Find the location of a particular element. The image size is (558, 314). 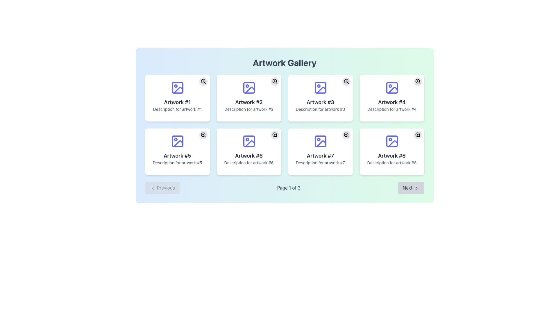

the interactive button for zooming into 'Artwork #1', located at the top-right corner of the corresponding artwork card to trigger the hover effect is located at coordinates (203, 81).